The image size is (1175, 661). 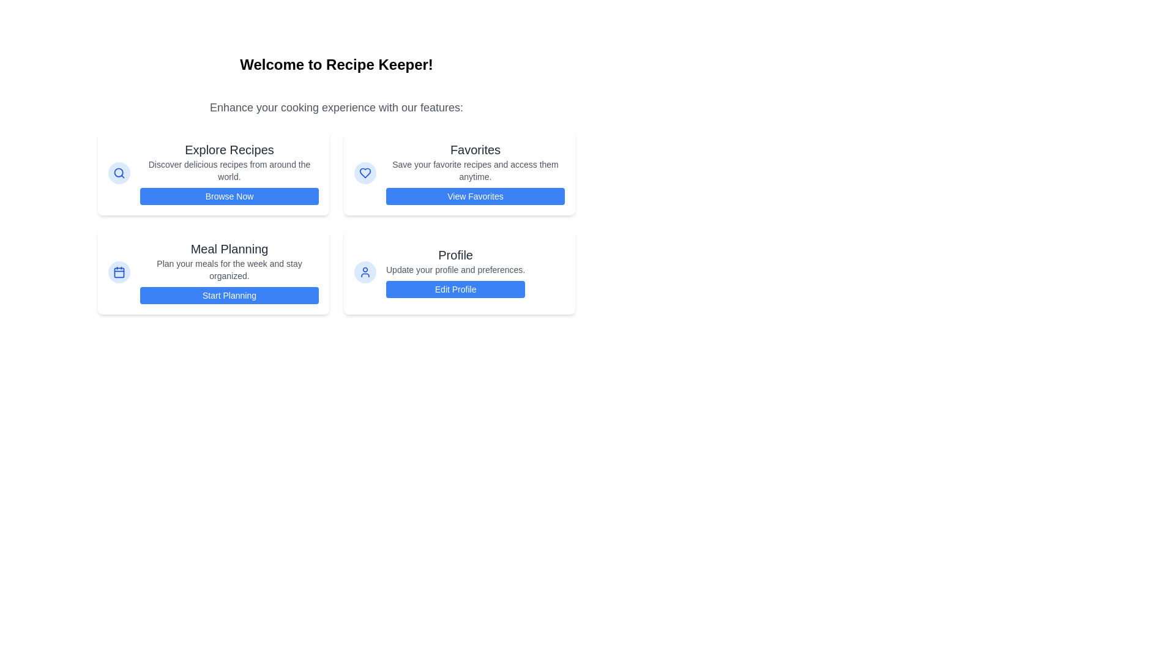 I want to click on the circular button with a light blue background and a magnifying glass icon located in the 'Explore Recipes' section card, near the top-left corner, so click(x=119, y=173).